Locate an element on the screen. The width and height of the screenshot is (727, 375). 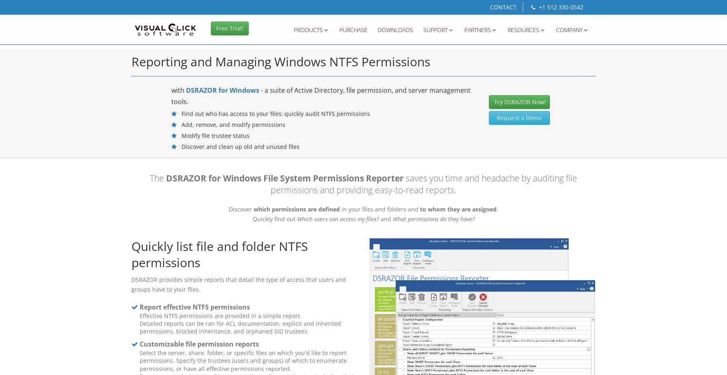
'PARTNERS' is located at coordinates (464, 32).